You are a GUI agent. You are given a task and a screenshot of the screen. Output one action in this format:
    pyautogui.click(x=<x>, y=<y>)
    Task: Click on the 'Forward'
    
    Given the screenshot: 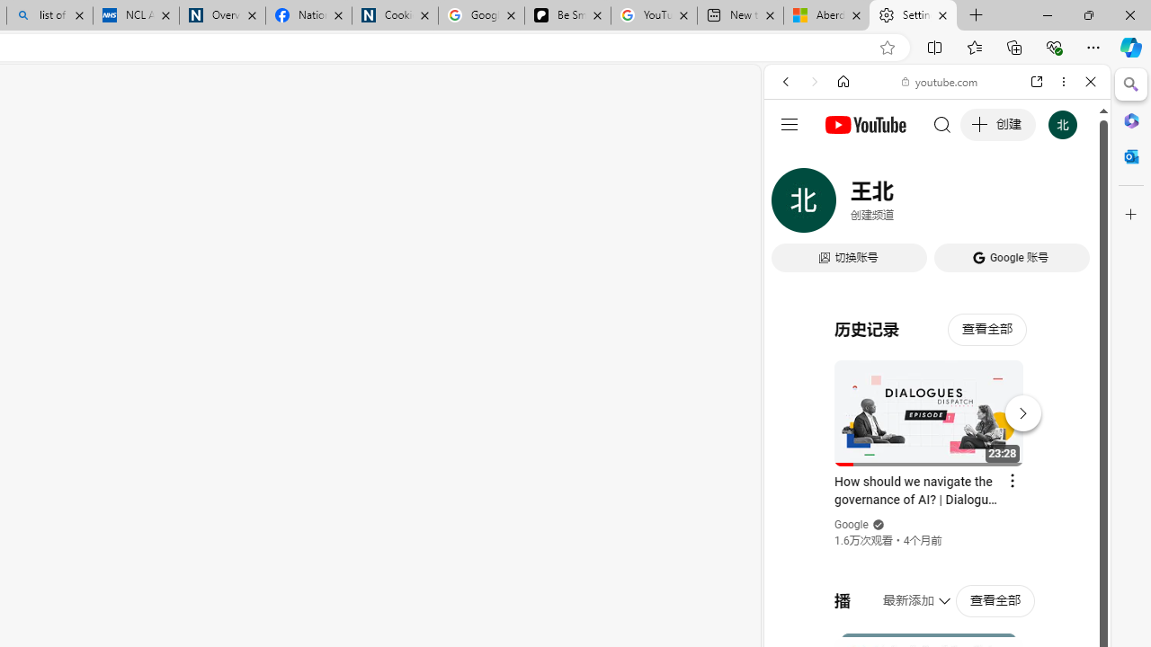 What is the action you would take?
    pyautogui.click(x=814, y=82)
    